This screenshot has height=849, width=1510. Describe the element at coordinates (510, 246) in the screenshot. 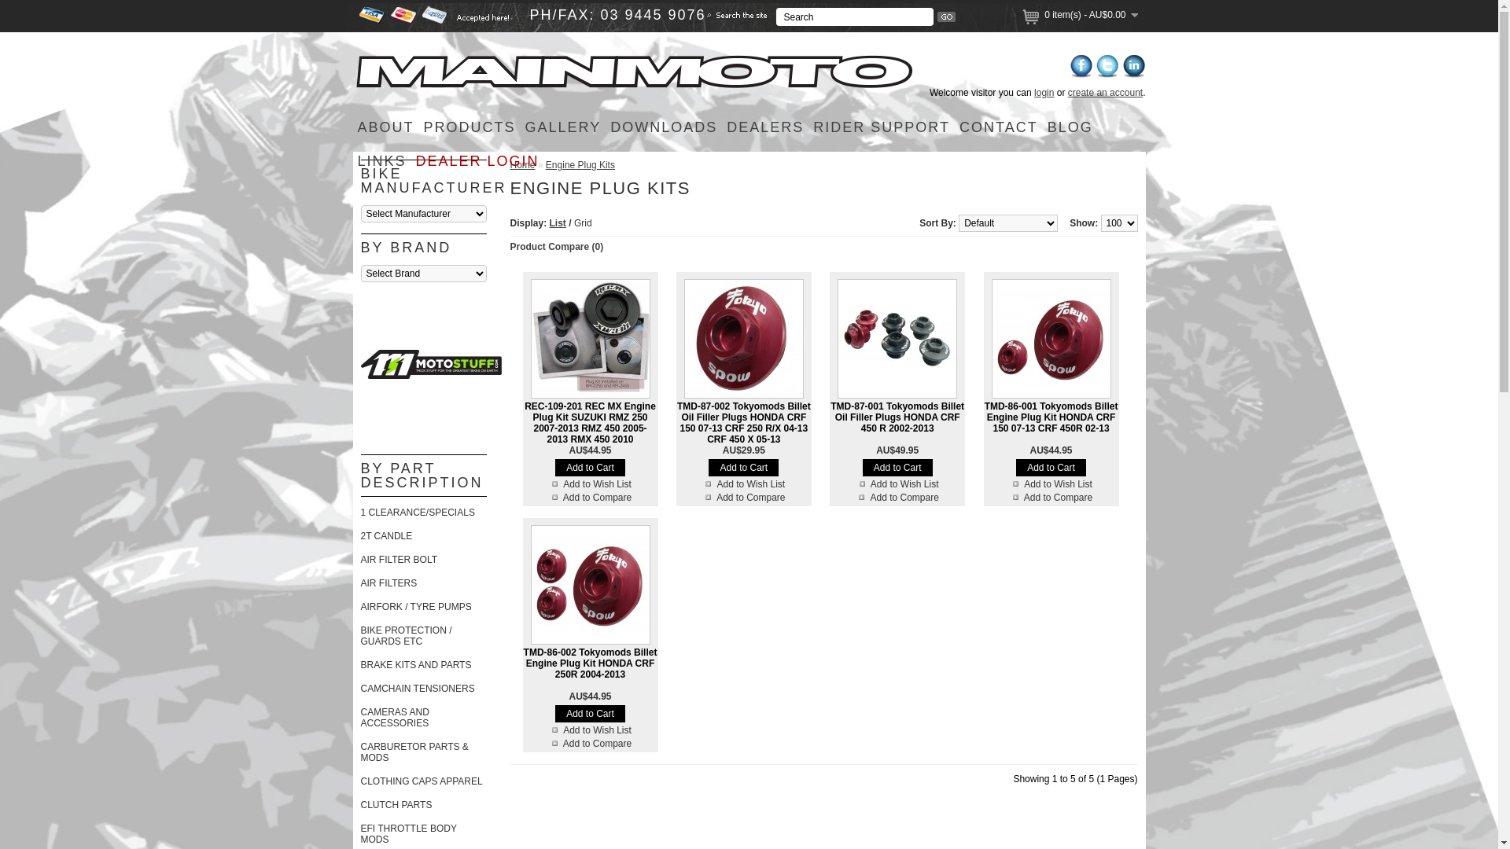

I see `'Product Compare (0)'` at that location.